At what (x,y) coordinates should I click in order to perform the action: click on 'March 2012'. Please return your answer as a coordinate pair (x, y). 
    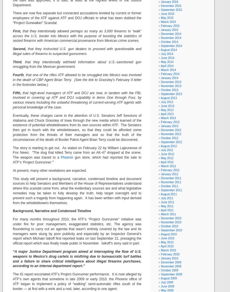
    Looking at the image, I should click on (168, 166).